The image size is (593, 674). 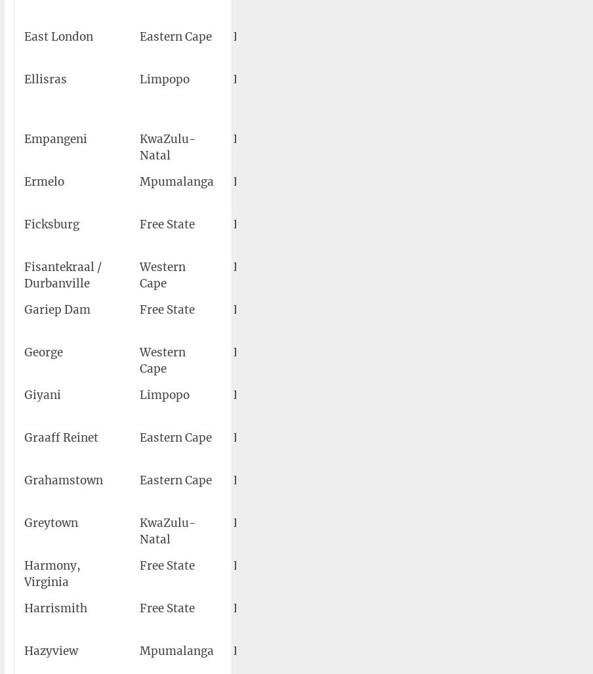 What do you see at coordinates (23, 79) in the screenshot?
I see `'Ellisras'` at bounding box center [23, 79].